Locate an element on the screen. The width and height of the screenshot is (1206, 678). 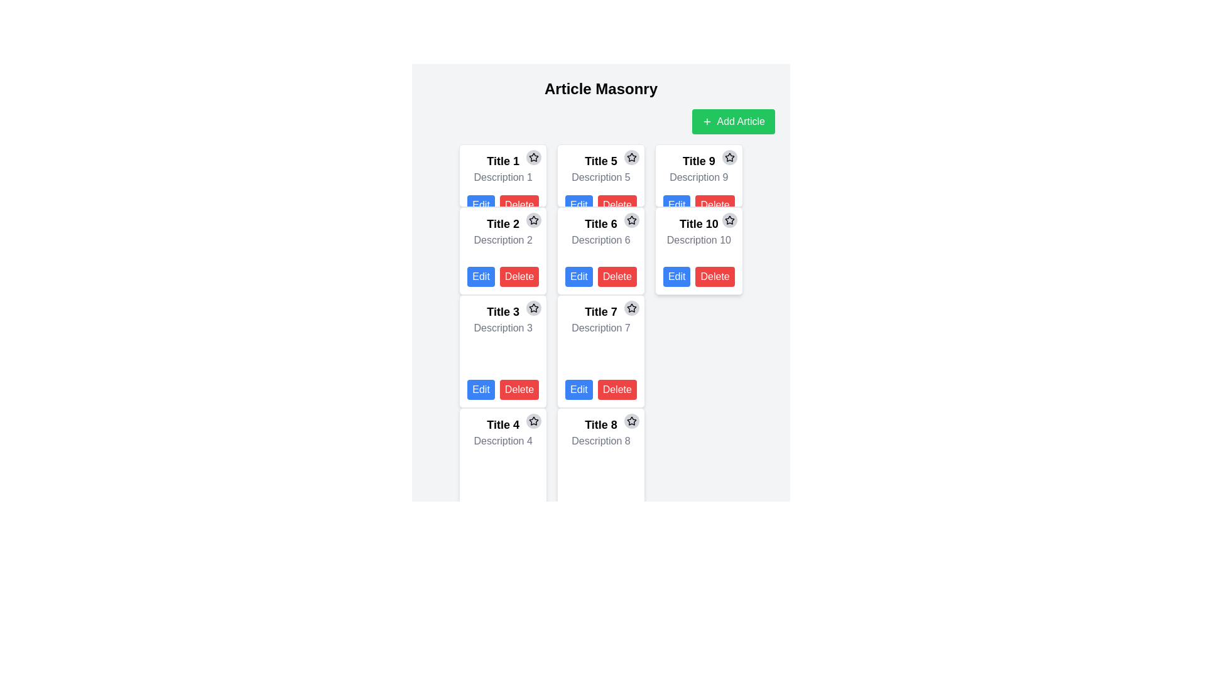
the descriptive text label located under the 'Title 10' header in the tenth card of the 'Article Masonry' grid layout is located at coordinates (698, 244).